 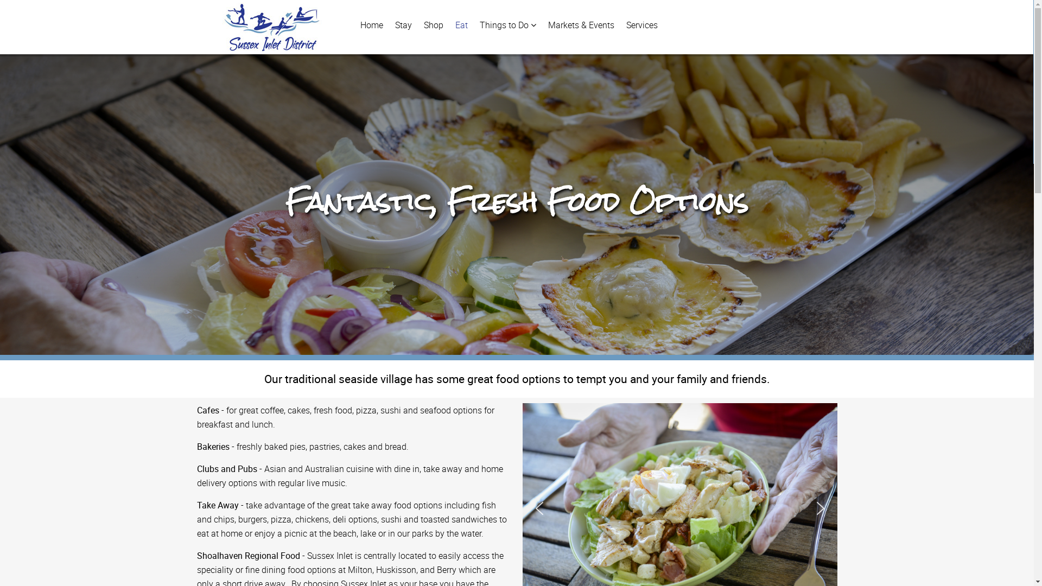 What do you see at coordinates (403, 24) in the screenshot?
I see `'Stay'` at bounding box center [403, 24].